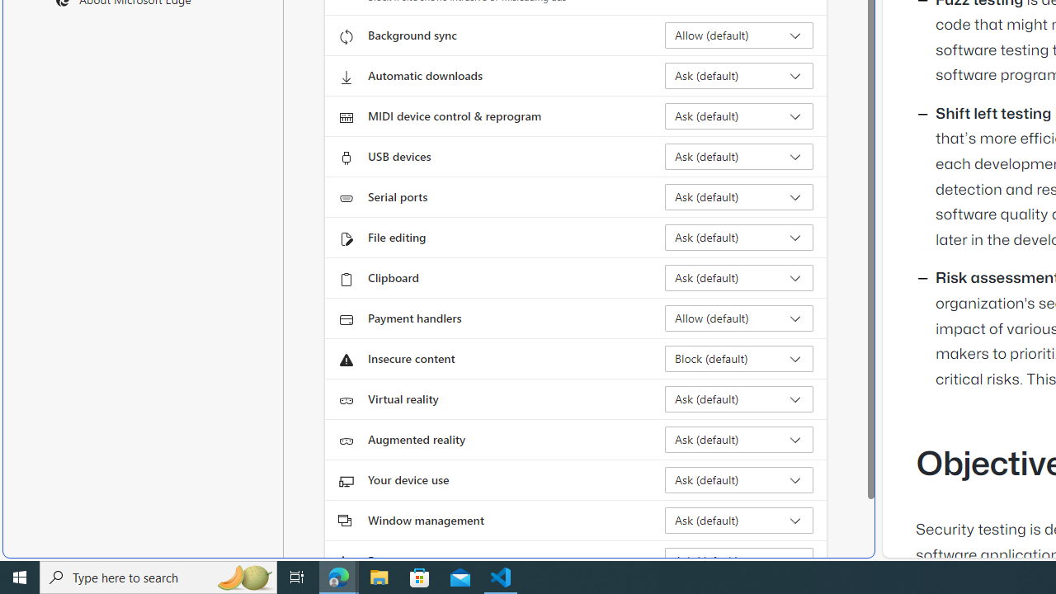  What do you see at coordinates (738, 157) in the screenshot?
I see `'USB devices Ask (default)'` at bounding box center [738, 157].